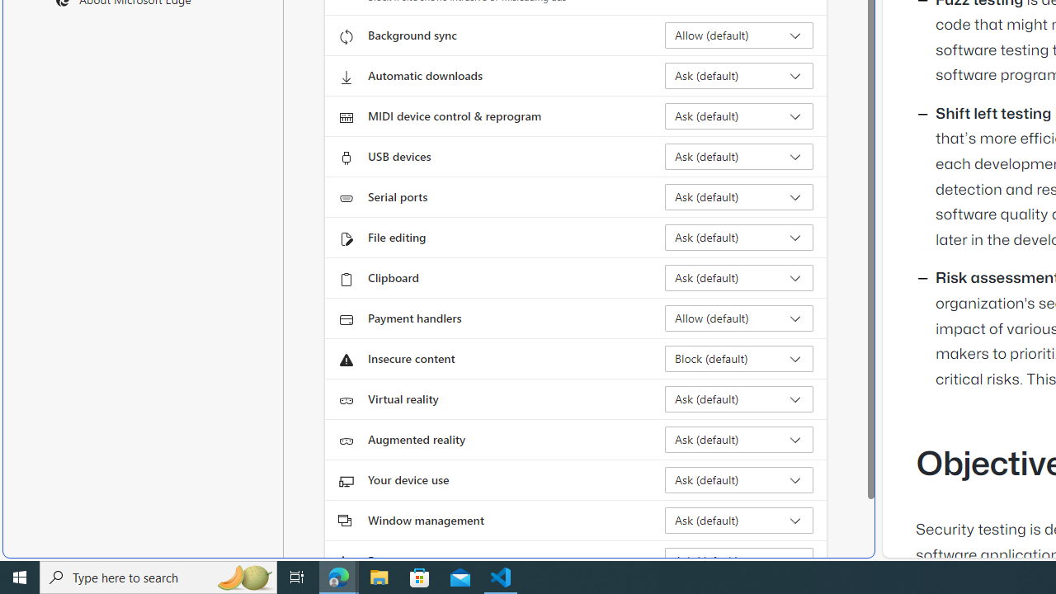  What do you see at coordinates (738, 157) in the screenshot?
I see `'USB devices Ask (default)'` at bounding box center [738, 157].